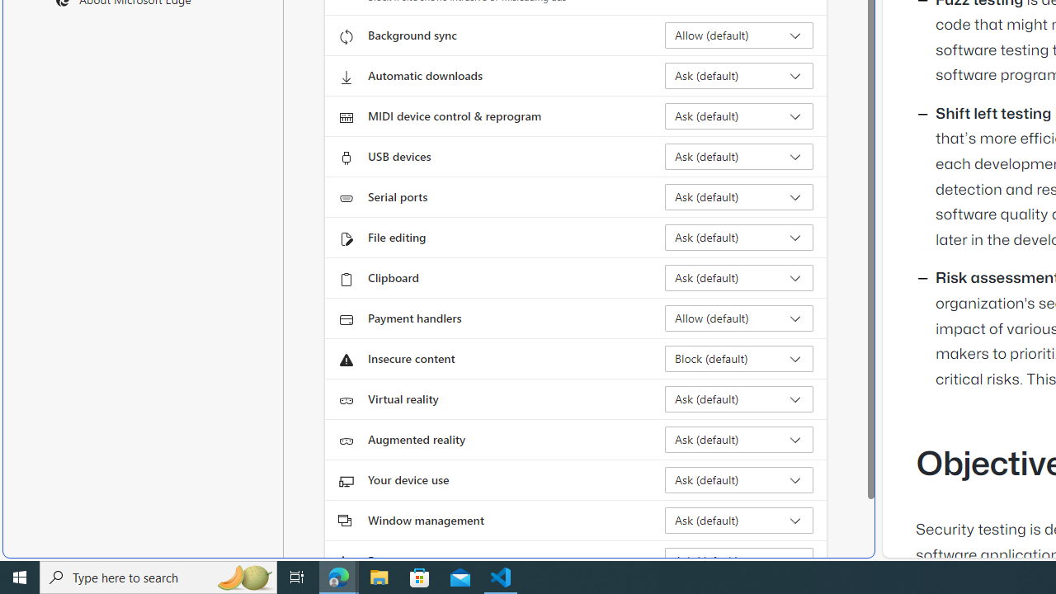  What do you see at coordinates (738, 157) in the screenshot?
I see `'USB devices Ask (default)'` at bounding box center [738, 157].